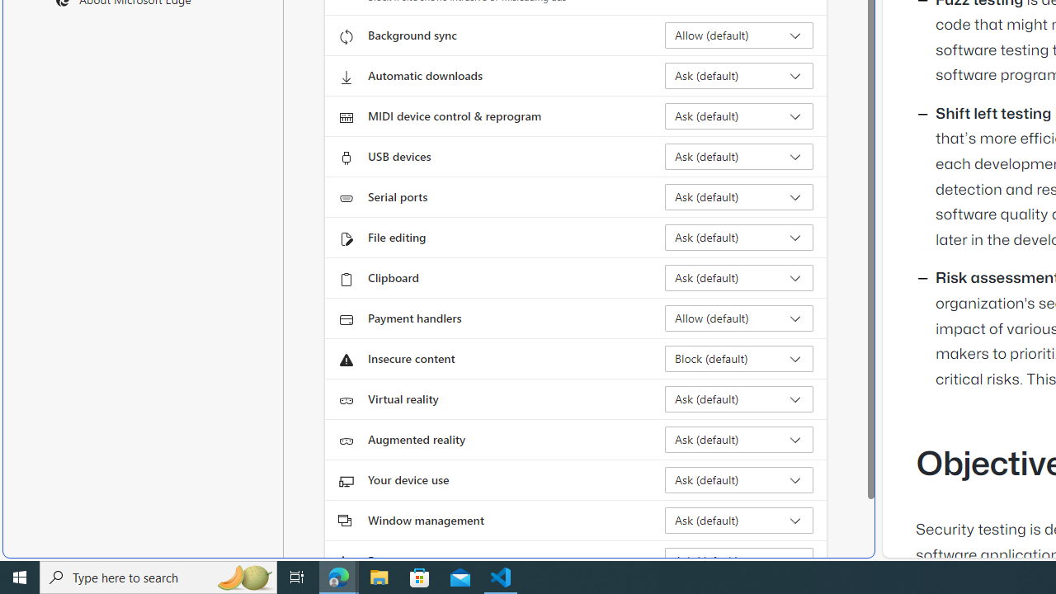  What do you see at coordinates (738, 157) in the screenshot?
I see `'USB devices Ask (default)'` at bounding box center [738, 157].